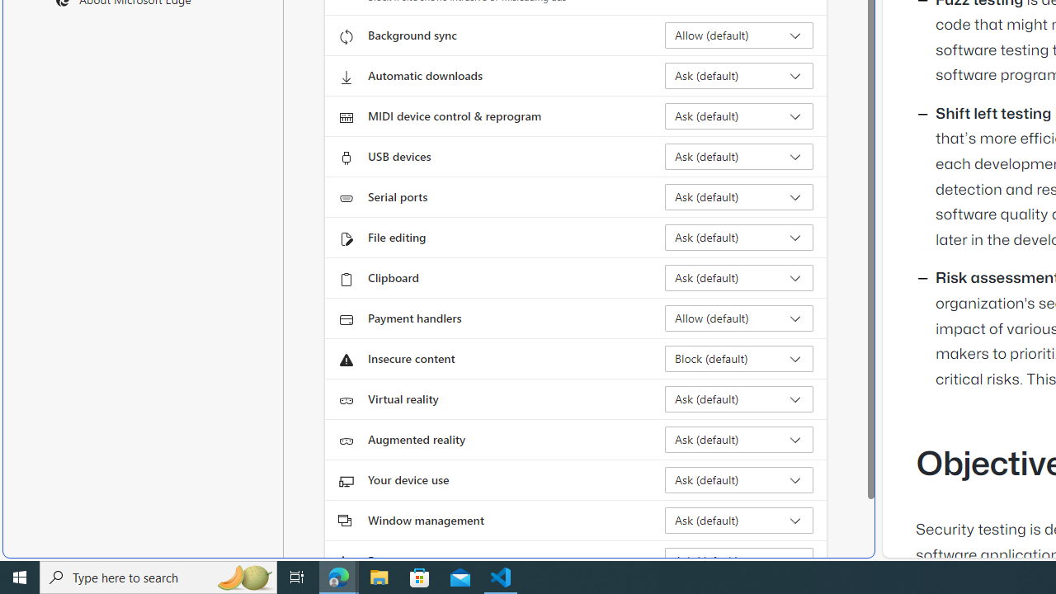  What do you see at coordinates (738, 157) in the screenshot?
I see `'USB devices Ask (default)'` at bounding box center [738, 157].